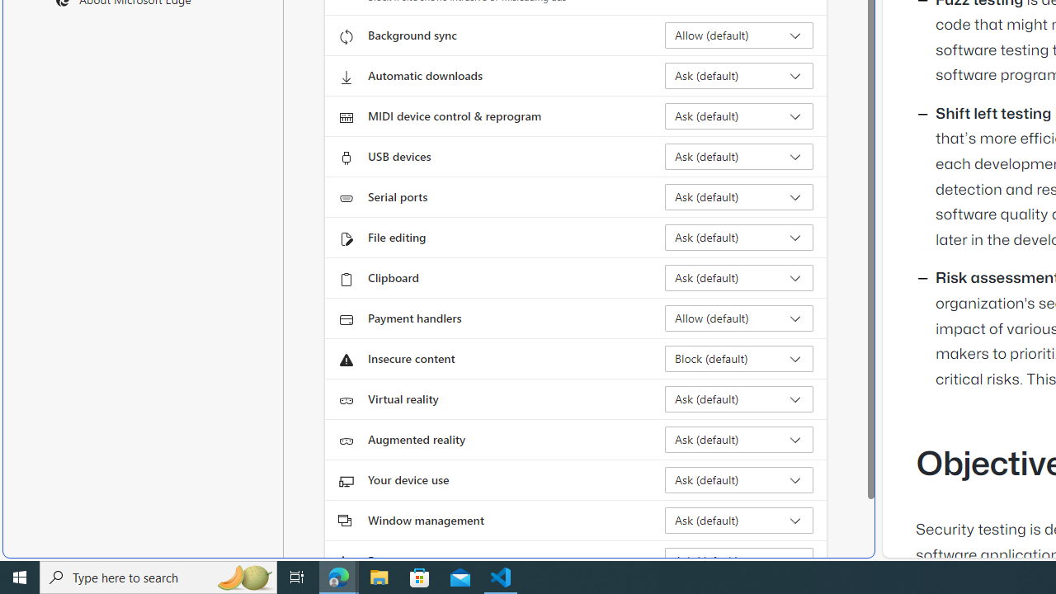  What do you see at coordinates (738, 157) in the screenshot?
I see `'USB devices Ask (default)'` at bounding box center [738, 157].